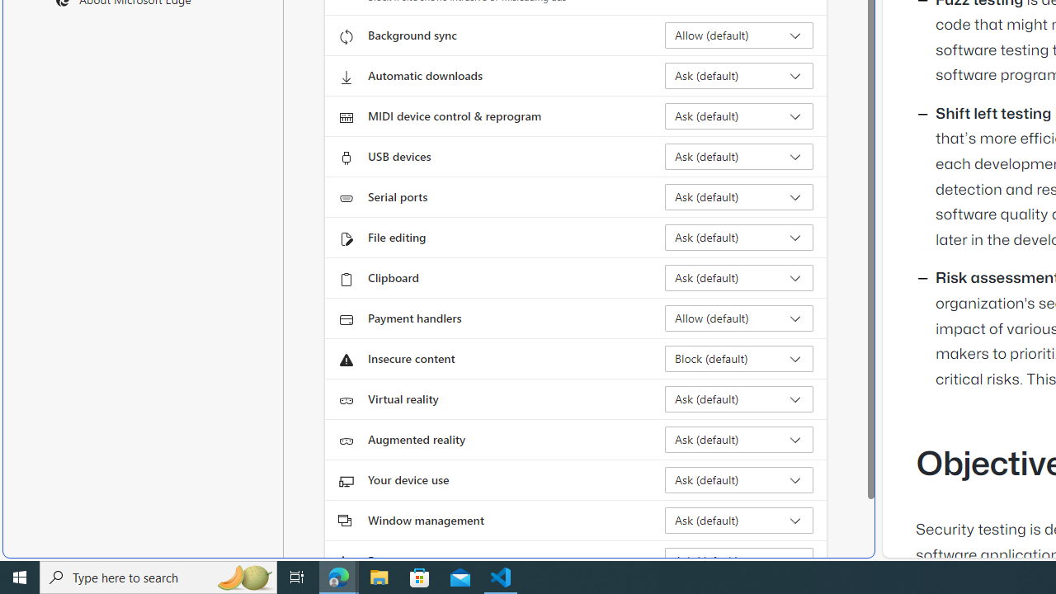  What do you see at coordinates (738, 157) in the screenshot?
I see `'USB devices Ask (default)'` at bounding box center [738, 157].